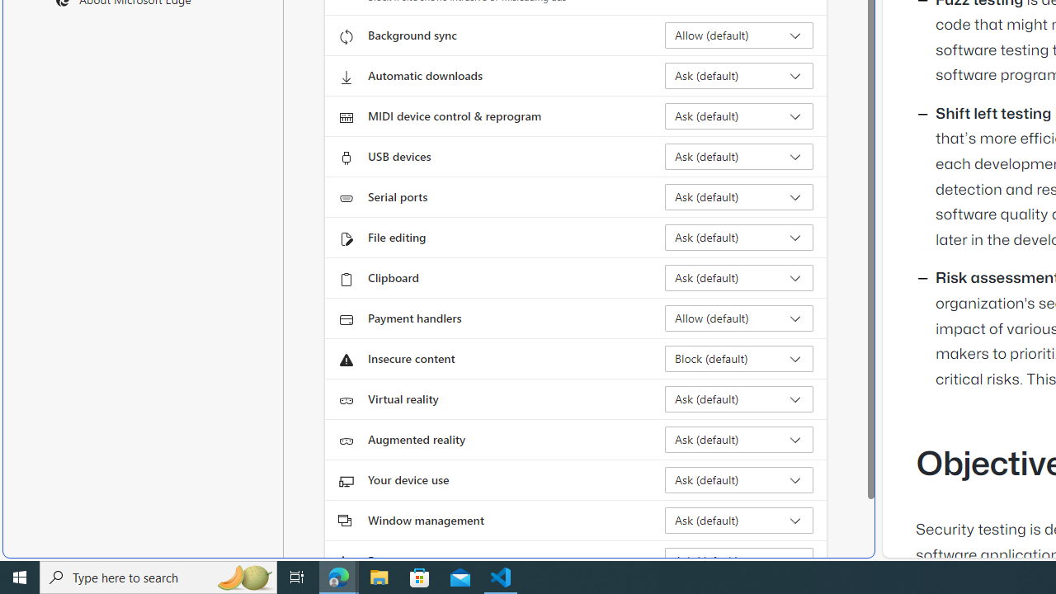  What do you see at coordinates (738, 157) in the screenshot?
I see `'USB devices Ask (default)'` at bounding box center [738, 157].